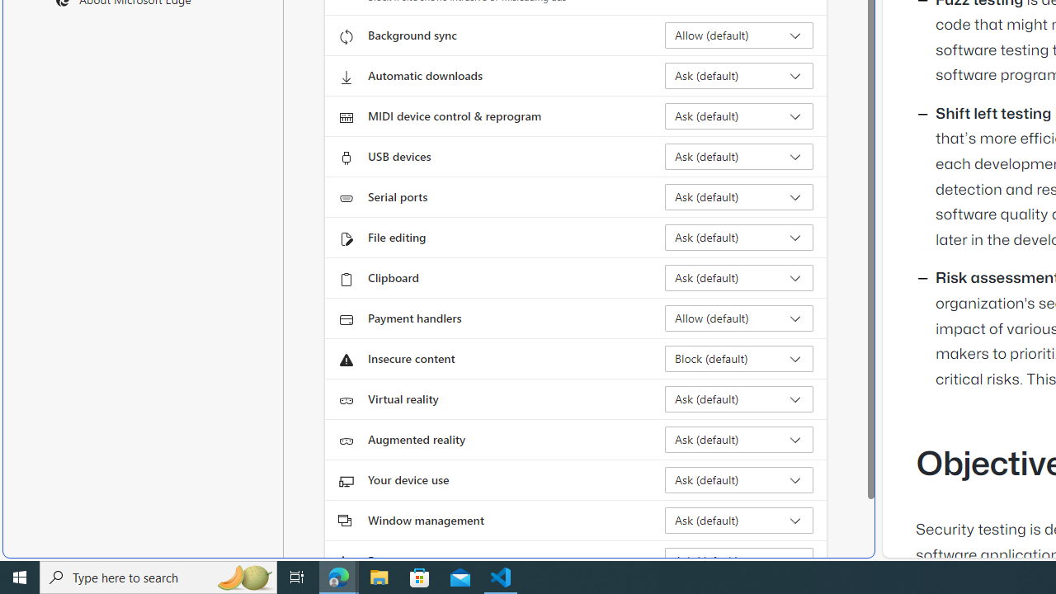  What do you see at coordinates (738, 157) in the screenshot?
I see `'USB devices Ask (default)'` at bounding box center [738, 157].